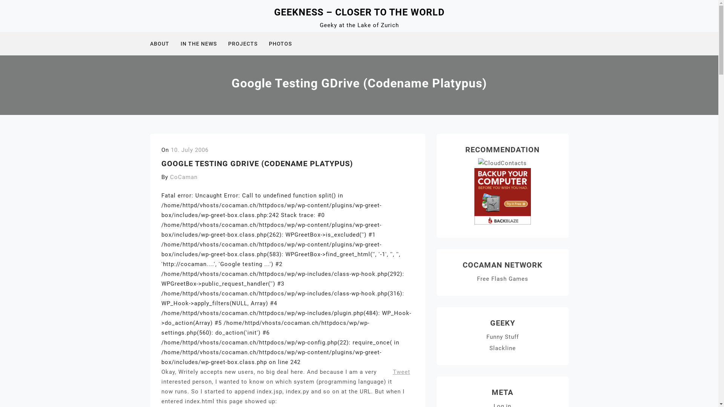  What do you see at coordinates (180, 43) in the screenshot?
I see `'IN THE NEWS'` at bounding box center [180, 43].